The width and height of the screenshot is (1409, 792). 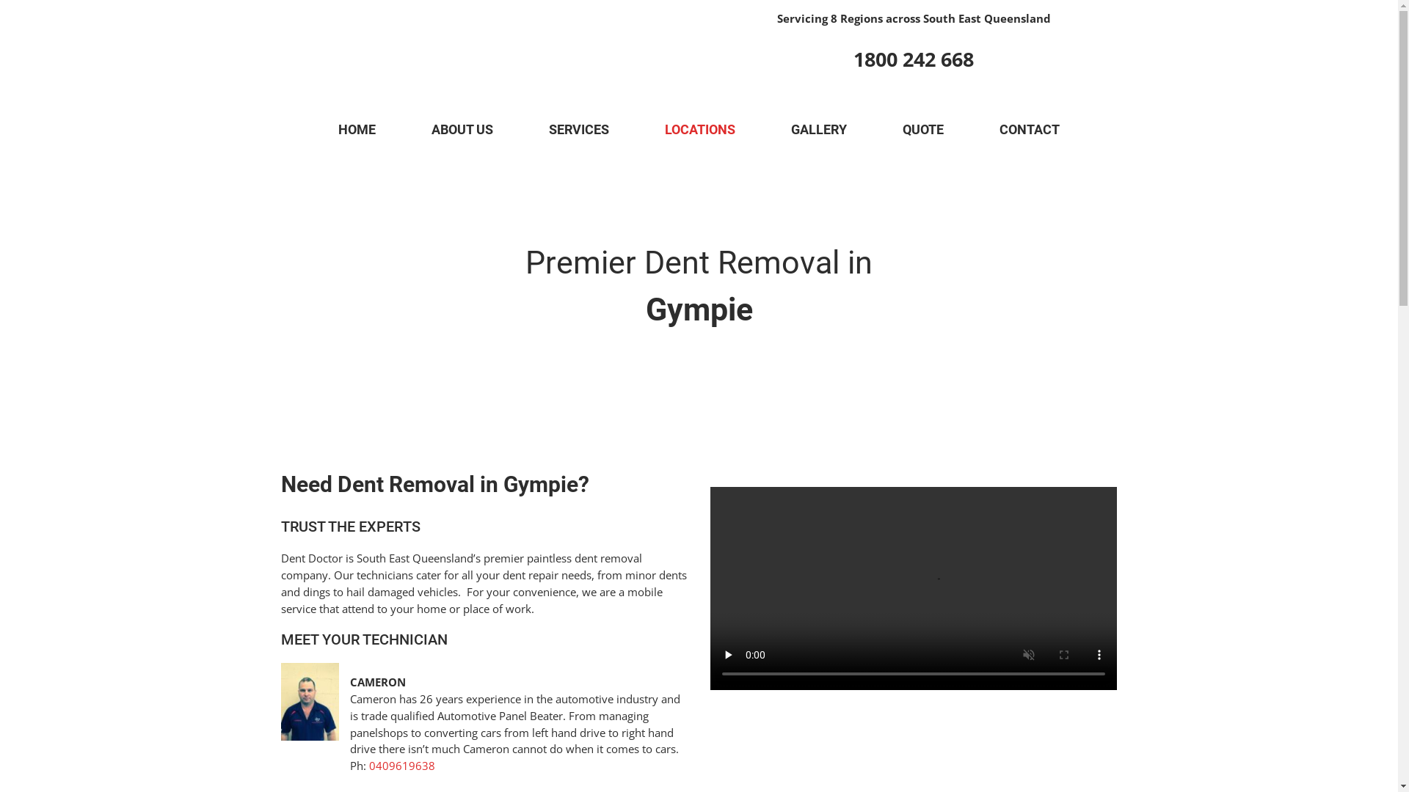 What do you see at coordinates (1028, 129) in the screenshot?
I see `'CONTACT'` at bounding box center [1028, 129].